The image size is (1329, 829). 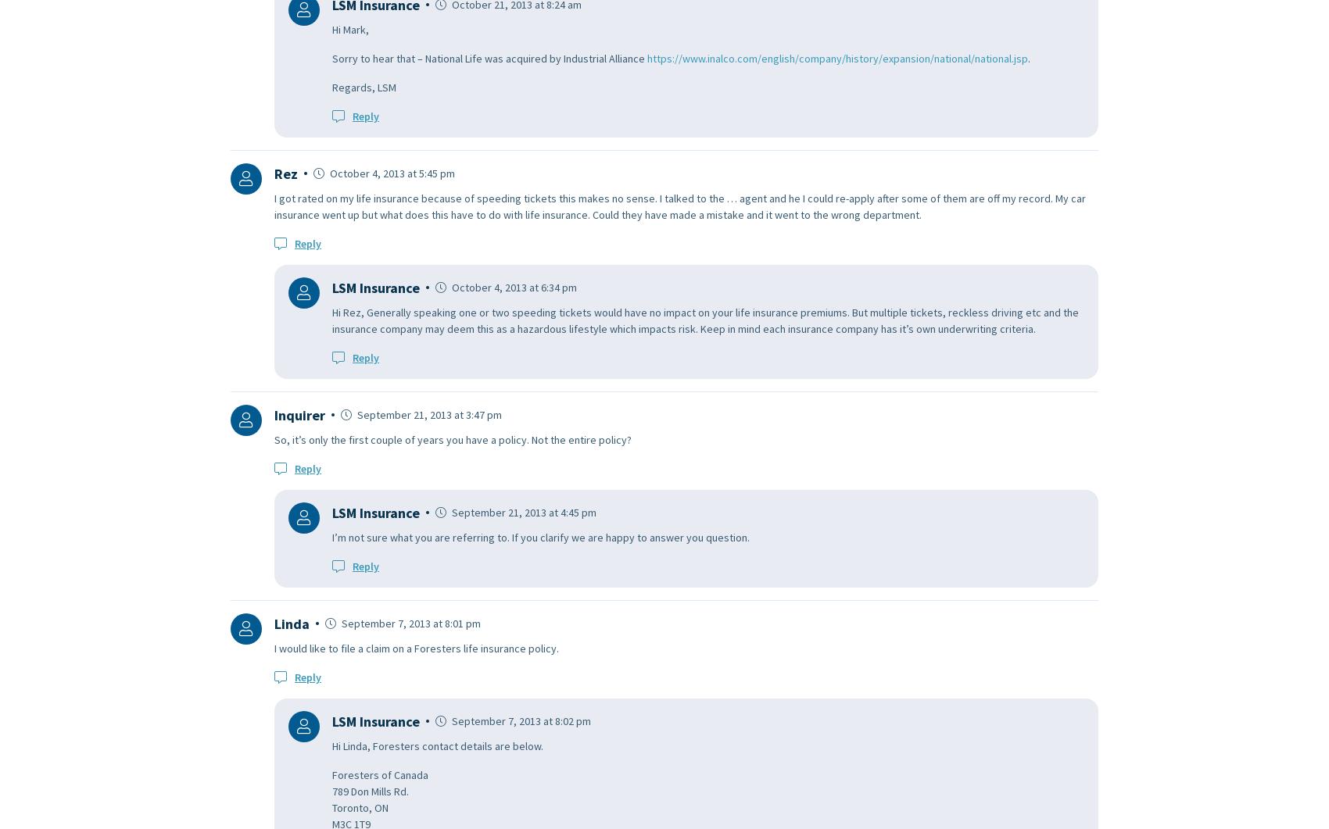 I want to click on 'Linda', so click(x=291, y=623).